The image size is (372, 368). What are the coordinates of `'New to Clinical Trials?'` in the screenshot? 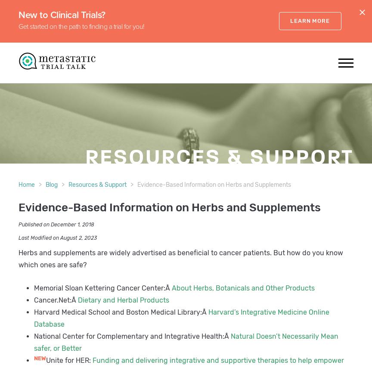 It's located at (61, 14).